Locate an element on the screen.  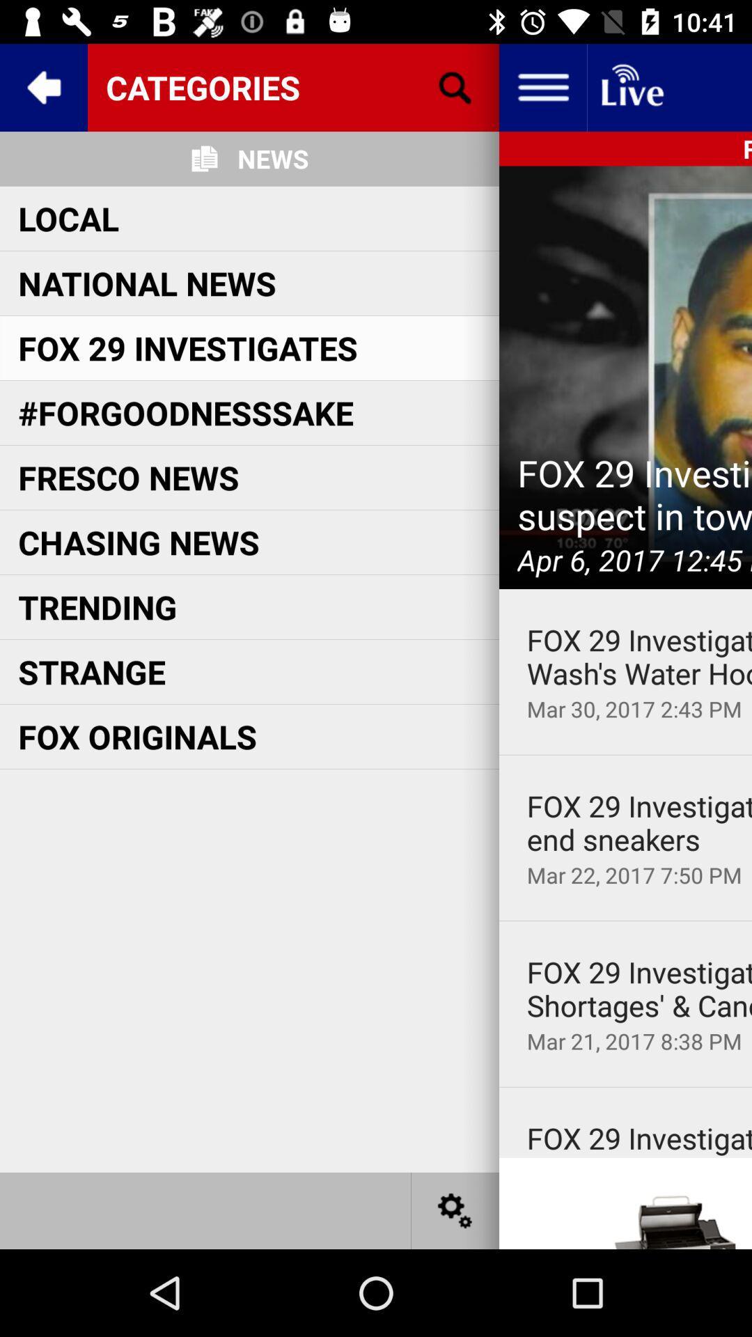
the menu icon is located at coordinates (542, 86).